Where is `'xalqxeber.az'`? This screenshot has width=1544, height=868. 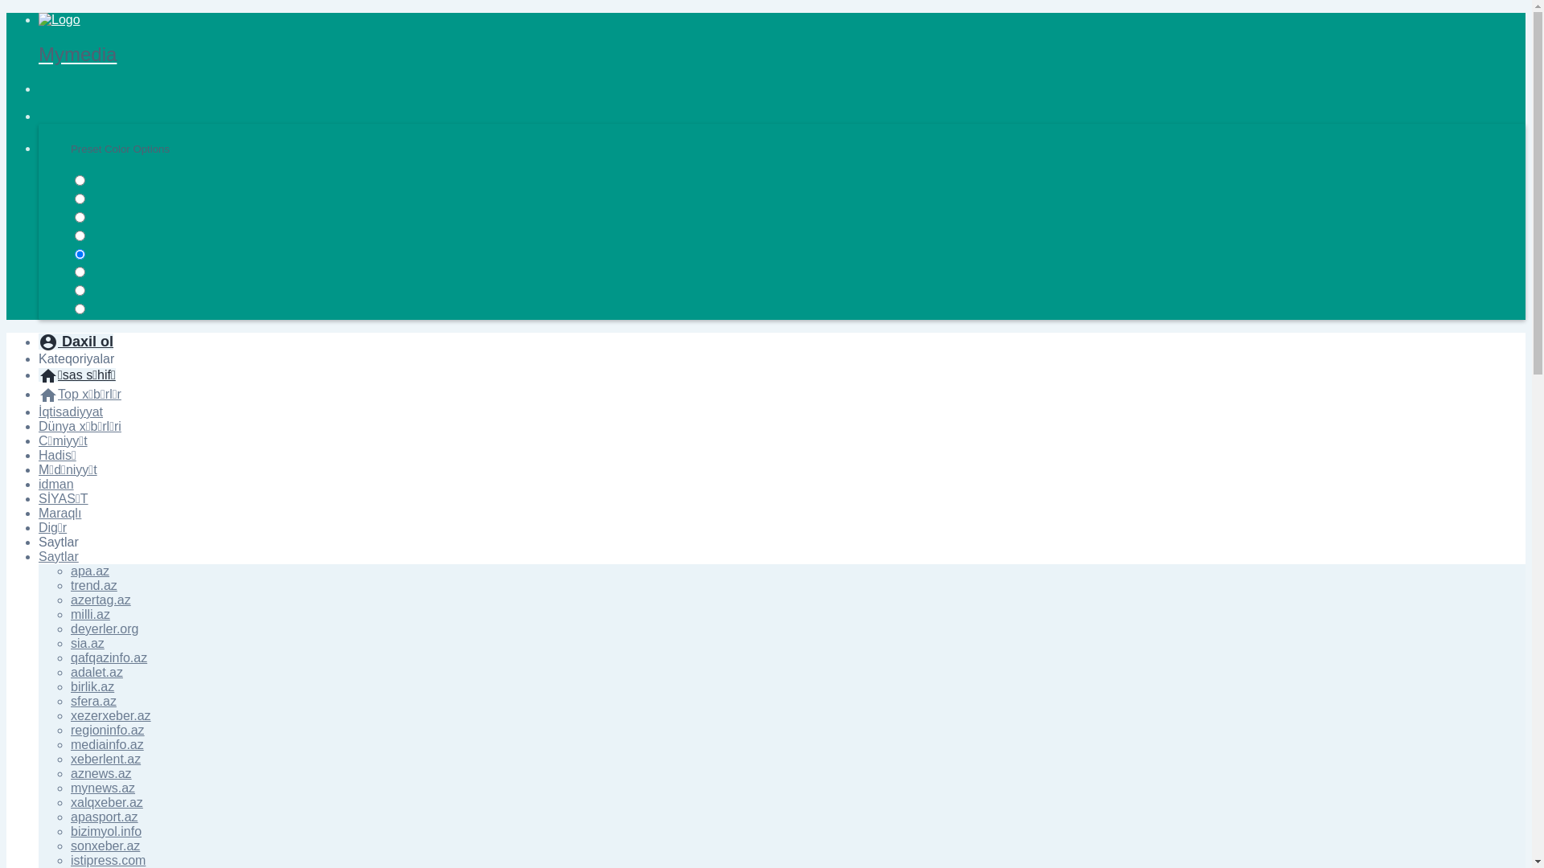 'xalqxeber.az' is located at coordinates (106, 802).